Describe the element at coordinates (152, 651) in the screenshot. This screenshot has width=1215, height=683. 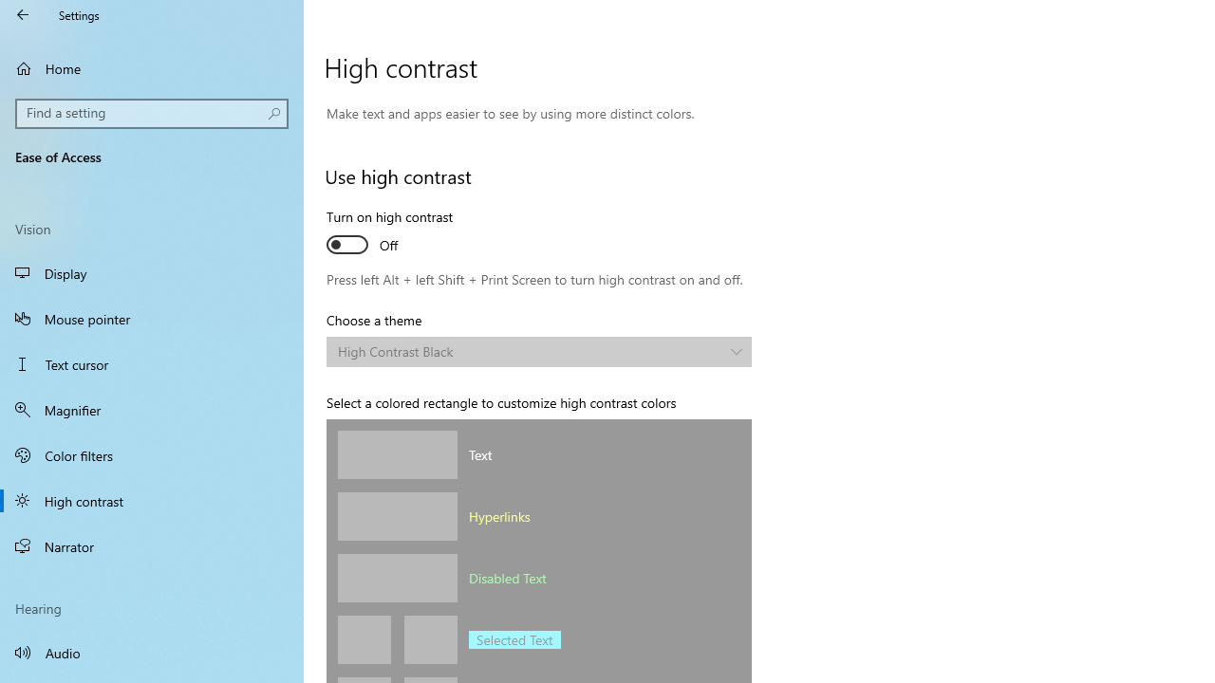
I see `'Audio'` at that location.